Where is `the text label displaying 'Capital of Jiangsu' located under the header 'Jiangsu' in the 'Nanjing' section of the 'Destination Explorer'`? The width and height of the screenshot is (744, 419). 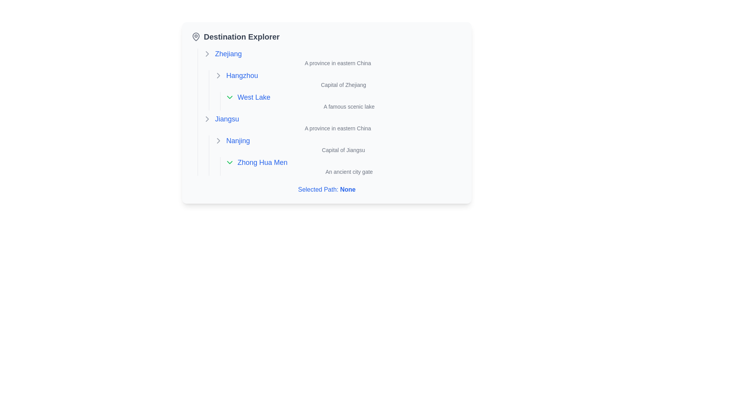 the text label displaying 'Capital of Jiangsu' located under the header 'Jiangsu' in the 'Nanjing' section of the 'Destination Explorer' is located at coordinates (335, 156).